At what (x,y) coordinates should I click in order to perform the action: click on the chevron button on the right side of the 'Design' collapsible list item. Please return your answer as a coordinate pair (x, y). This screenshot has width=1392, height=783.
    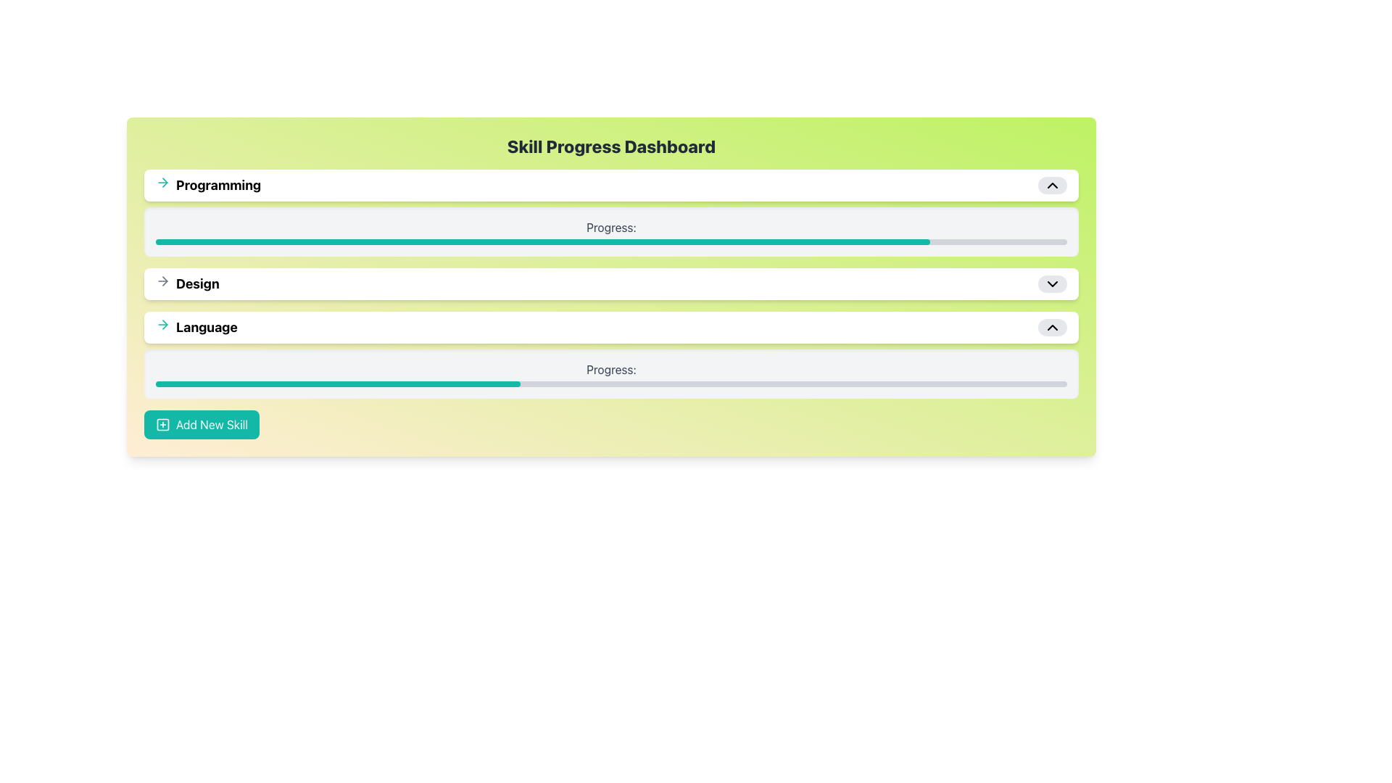
    Looking at the image, I should click on (611, 284).